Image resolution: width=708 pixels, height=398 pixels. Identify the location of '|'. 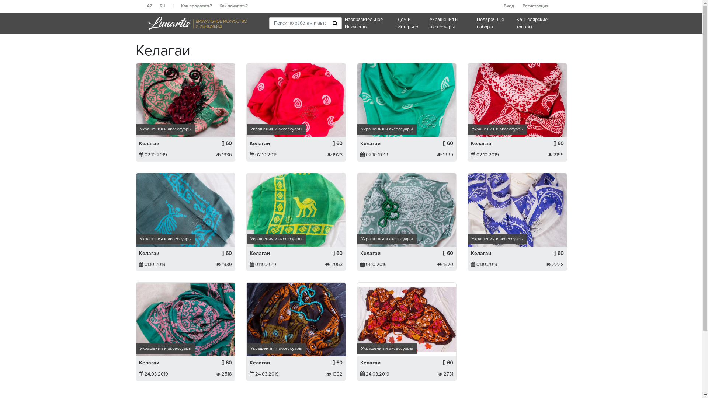
(176, 6).